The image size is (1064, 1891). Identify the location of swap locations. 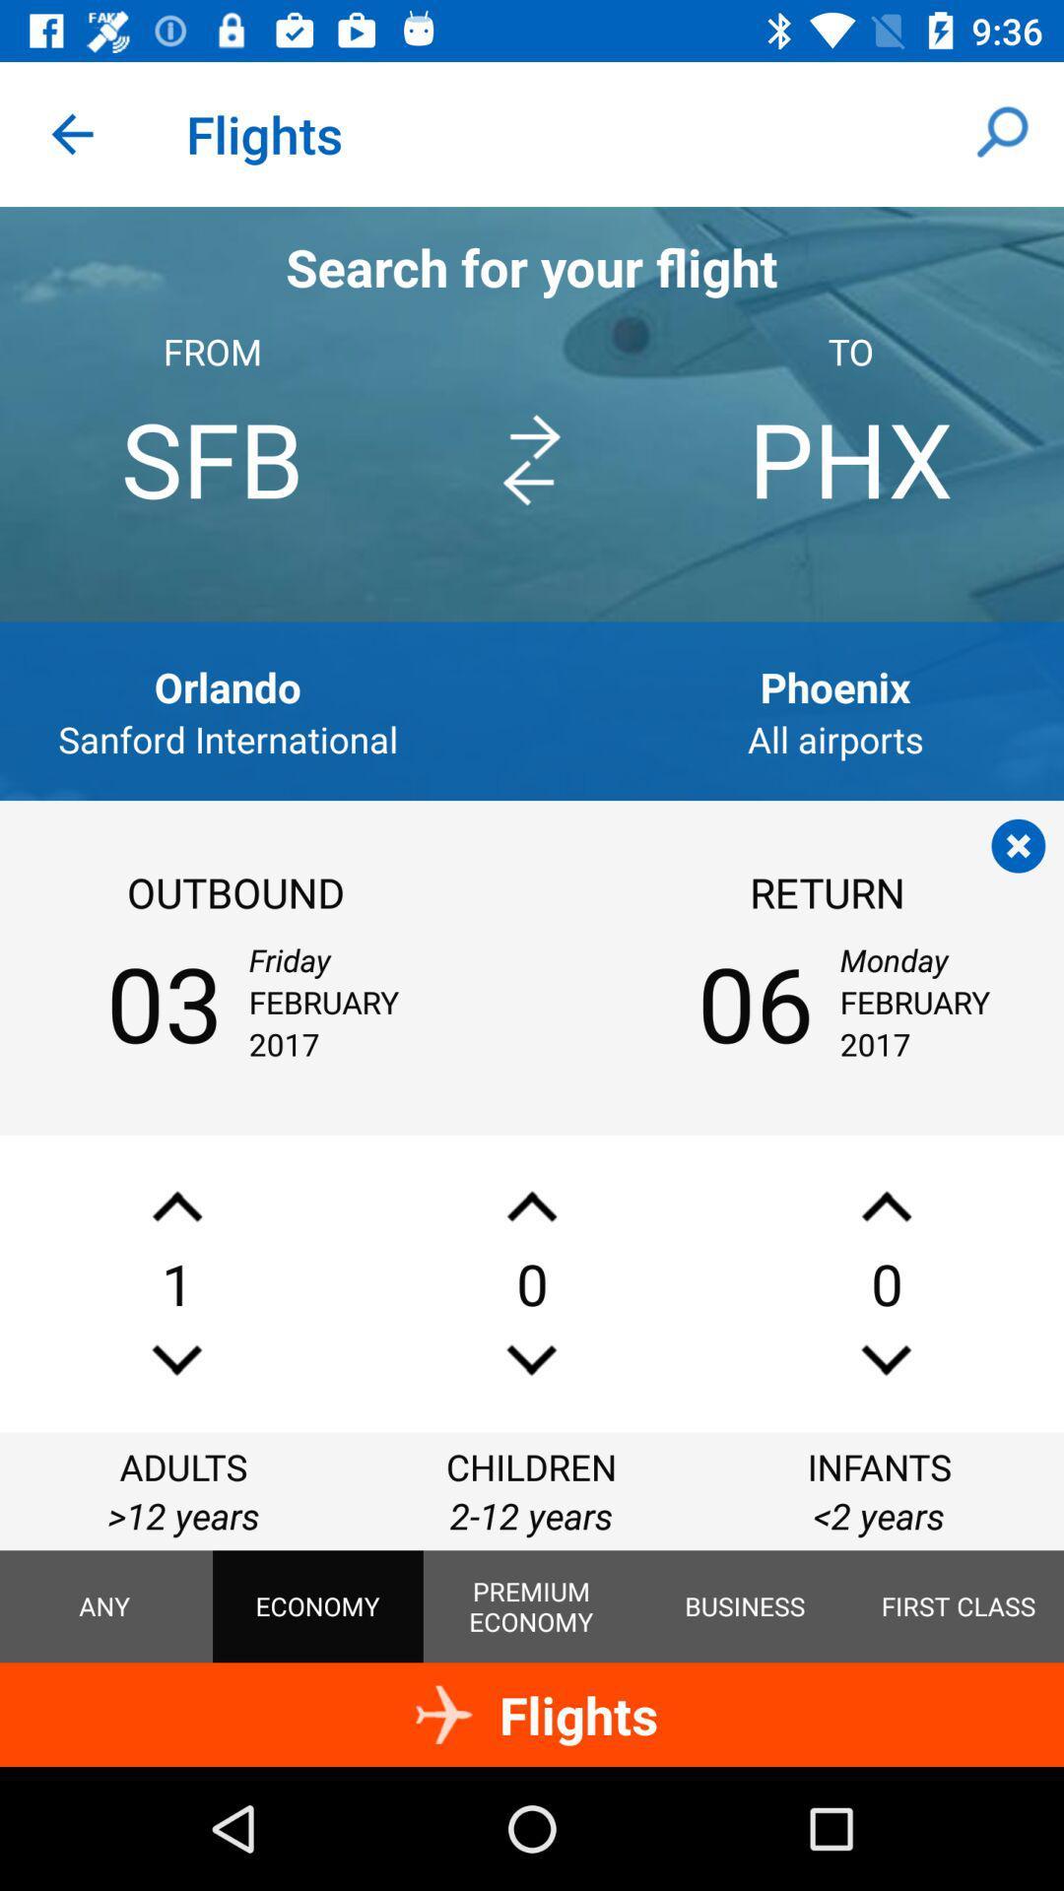
(530, 459).